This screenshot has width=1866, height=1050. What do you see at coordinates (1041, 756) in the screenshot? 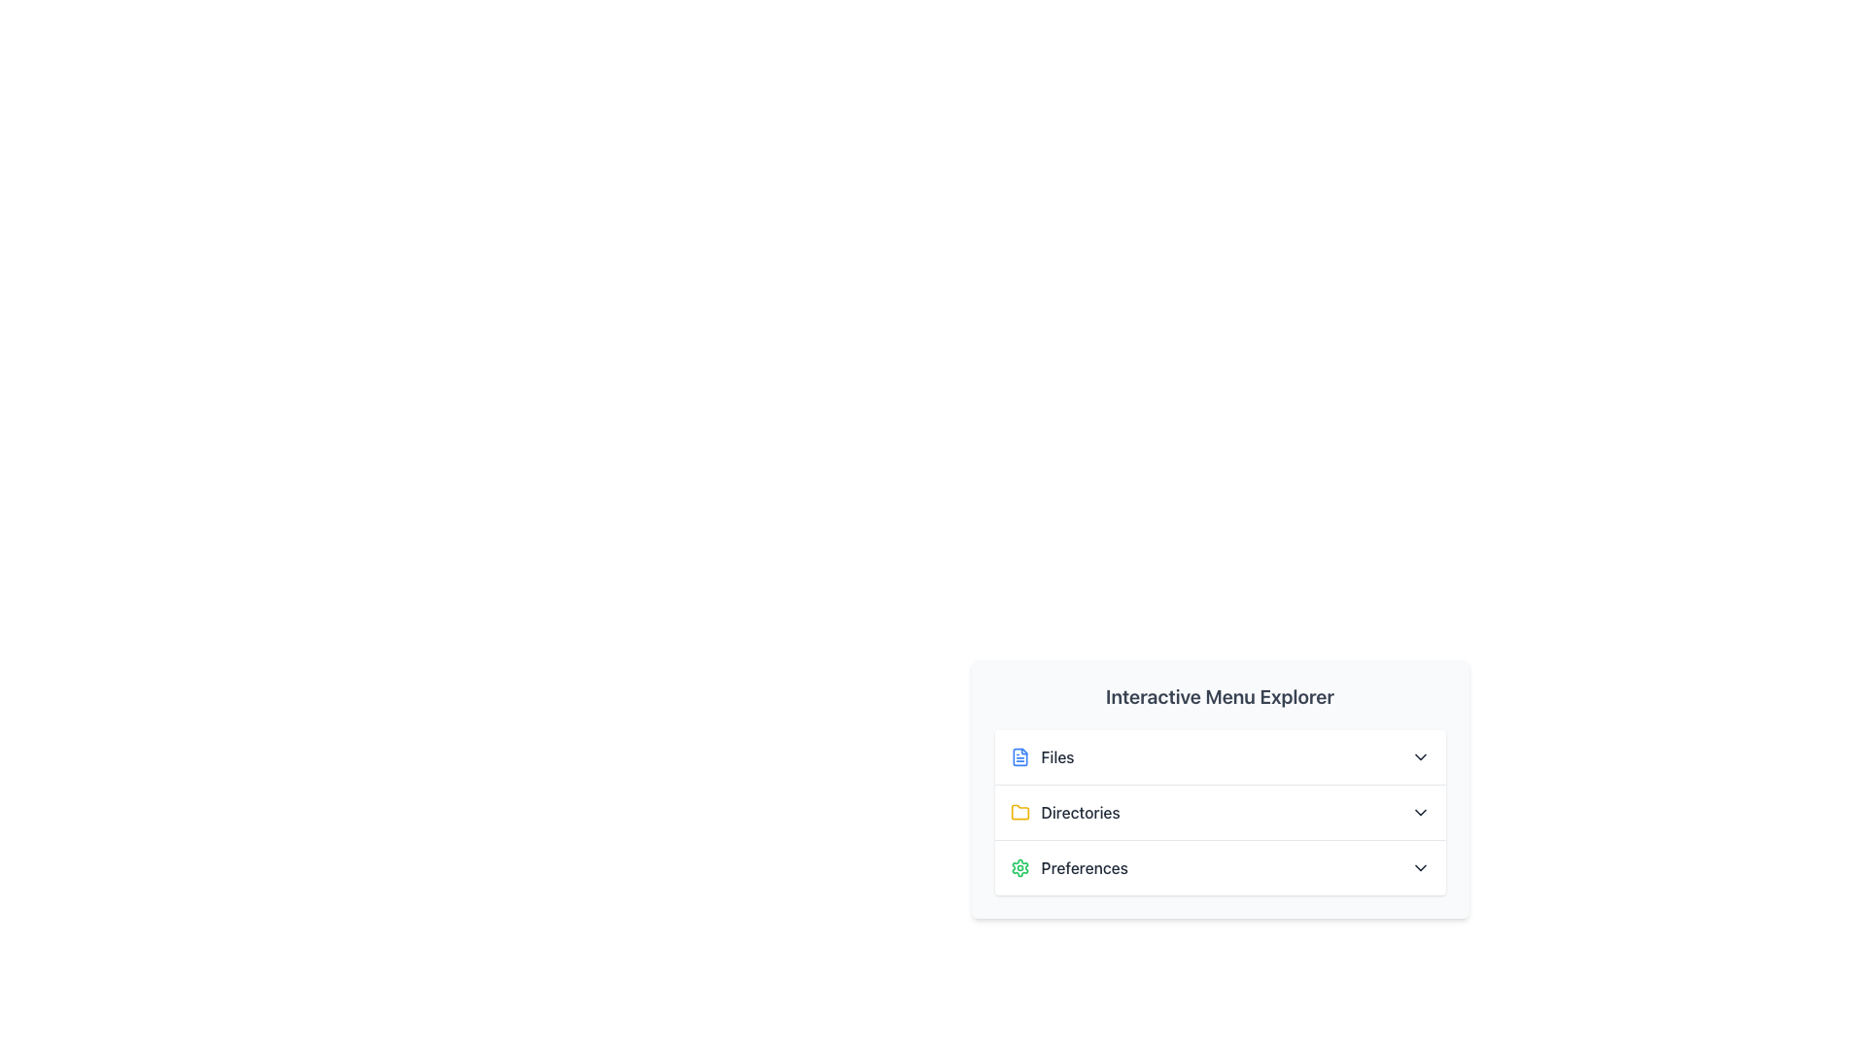
I see `the first menu option with icon and label under 'Interactive Menu Explorer'` at bounding box center [1041, 756].